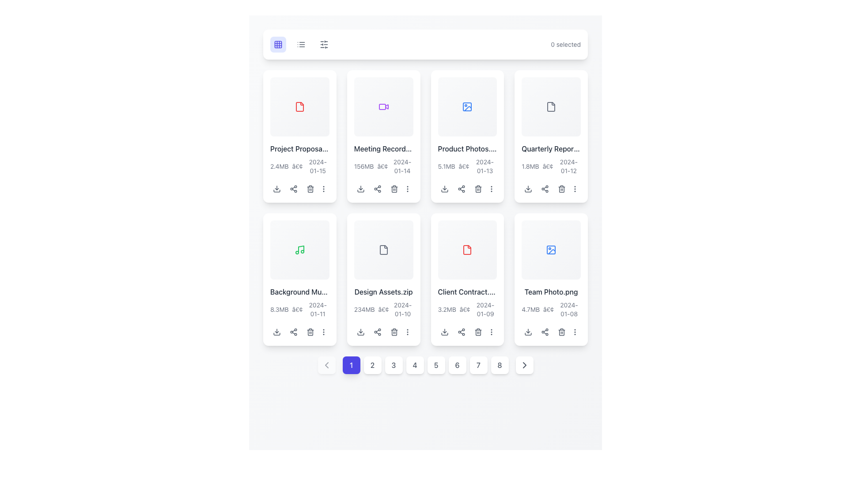 The image size is (848, 477). What do you see at coordinates (299, 250) in the screenshot?
I see `the music file icon located in the second row and first column of the grid layout` at bounding box center [299, 250].